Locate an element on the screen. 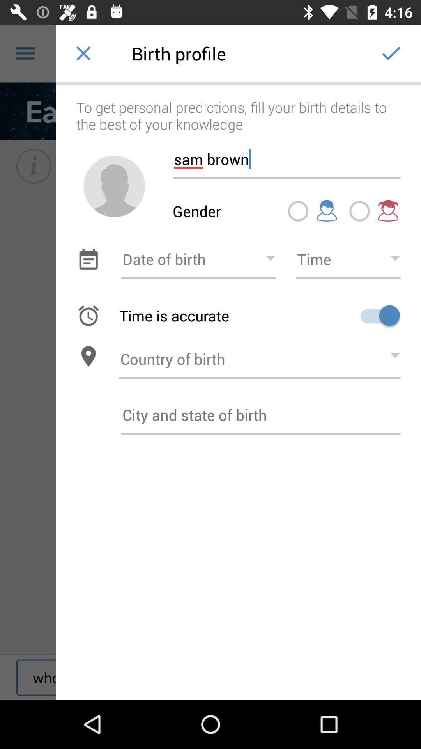 This screenshot has width=421, height=749. item below birth profile is located at coordinates (238, 108).